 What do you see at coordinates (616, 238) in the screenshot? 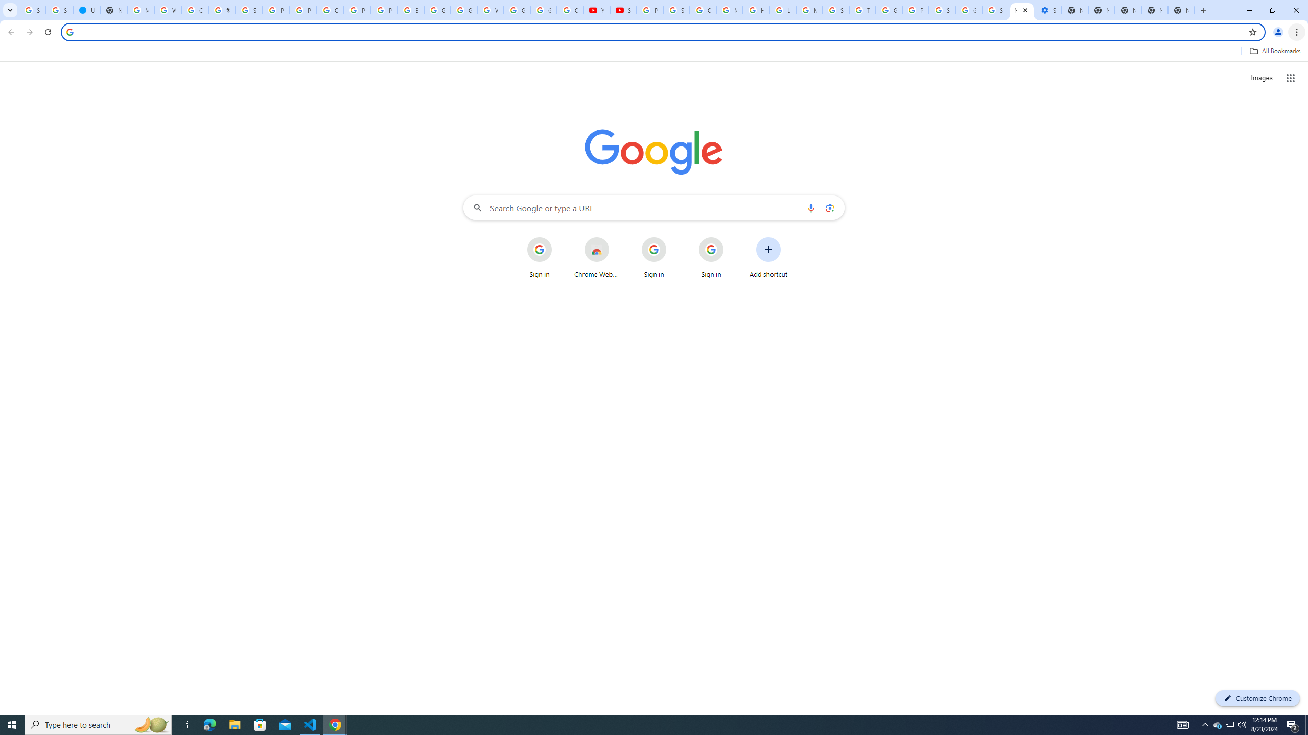
I see `'More actions for Chrome Web Store shortcut'` at bounding box center [616, 238].